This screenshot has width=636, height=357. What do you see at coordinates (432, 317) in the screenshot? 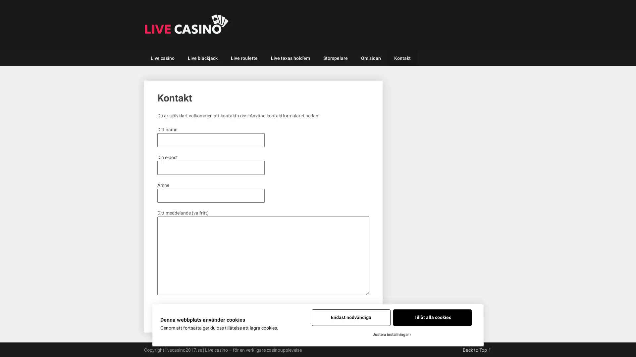
I see `Tillat alla cookies` at bounding box center [432, 317].